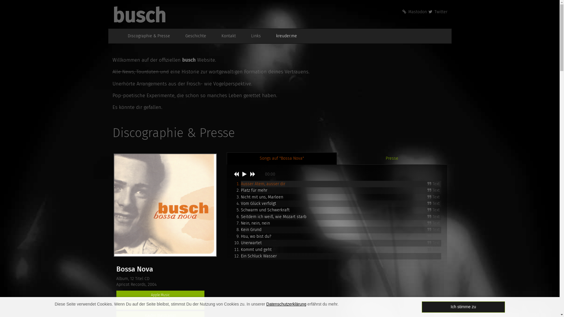 Image resolution: width=564 pixels, height=317 pixels. Describe the element at coordinates (421, 306) in the screenshot. I see `'Ich stimme zu'` at that location.